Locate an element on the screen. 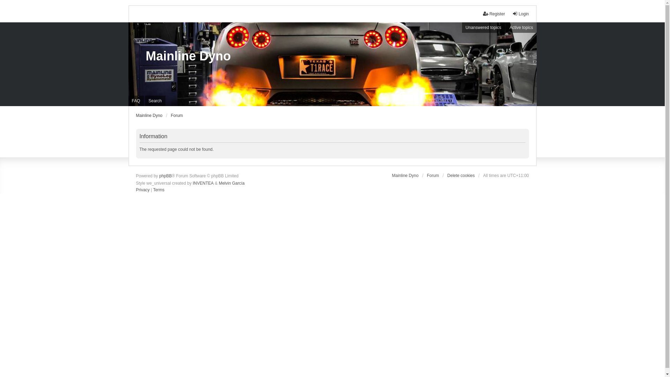 This screenshot has height=377, width=670. 'Delete cookies' is located at coordinates (461, 175).